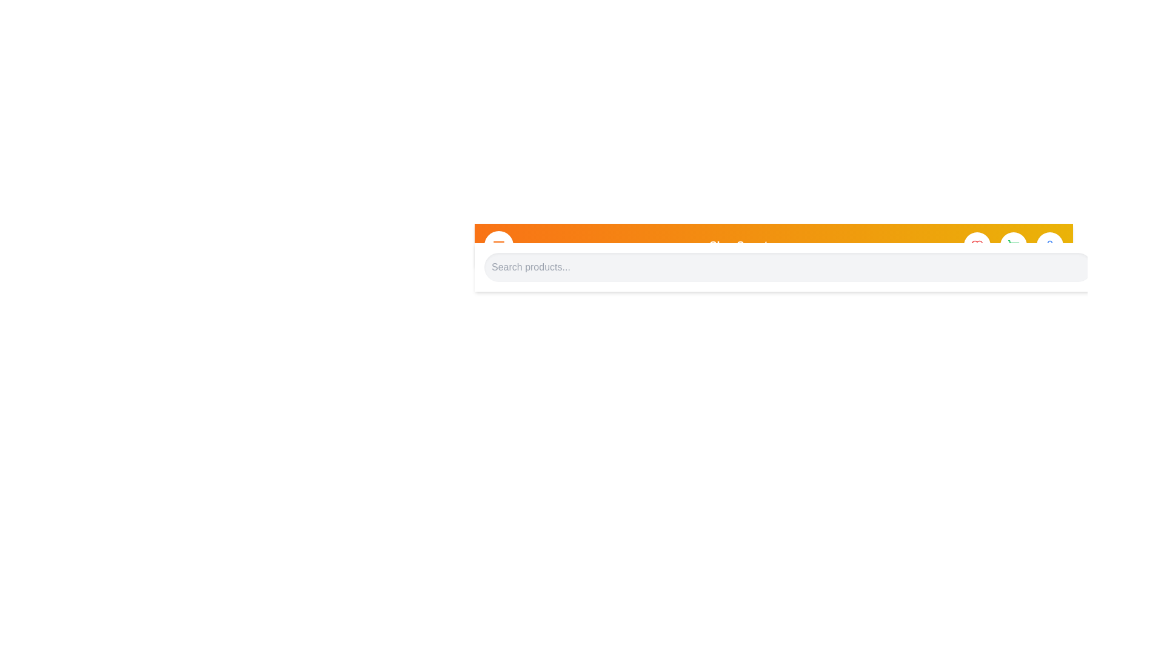 The height and width of the screenshot is (655, 1164). Describe the element at coordinates (1013, 246) in the screenshot. I see `shopping cart icon` at that location.